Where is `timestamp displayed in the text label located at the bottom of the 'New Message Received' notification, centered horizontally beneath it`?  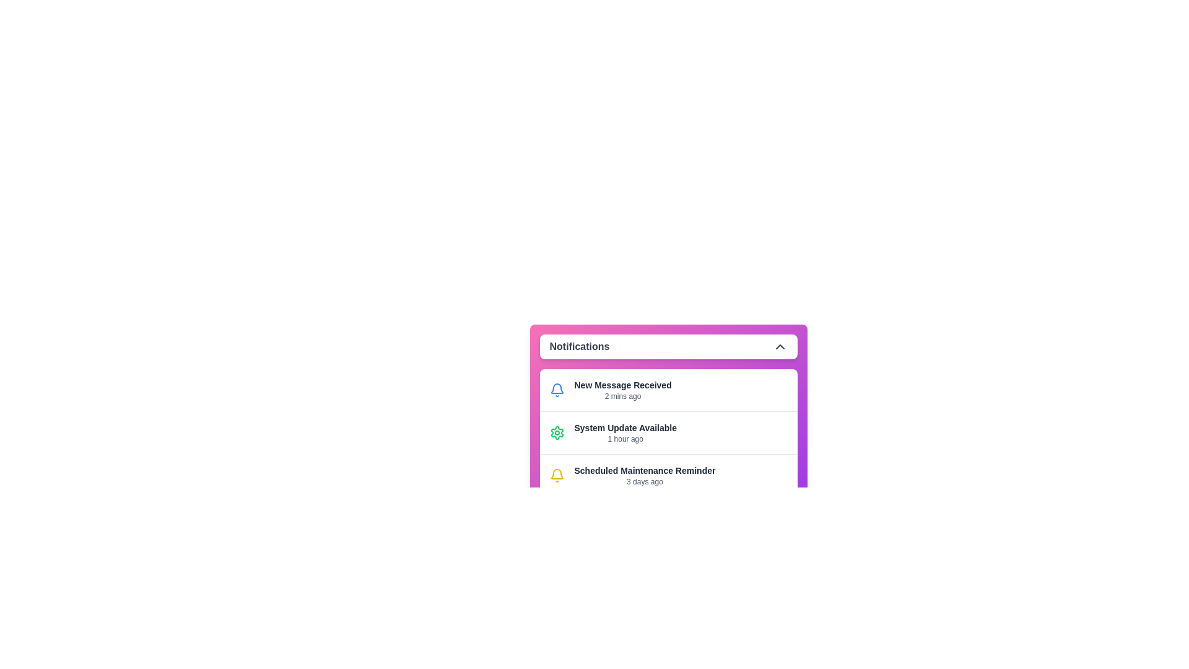
timestamp displayed in the text label located at the bottom of the 'New Message Received' notification, centered horizontally beneath it is located at coordinates (623, 396).